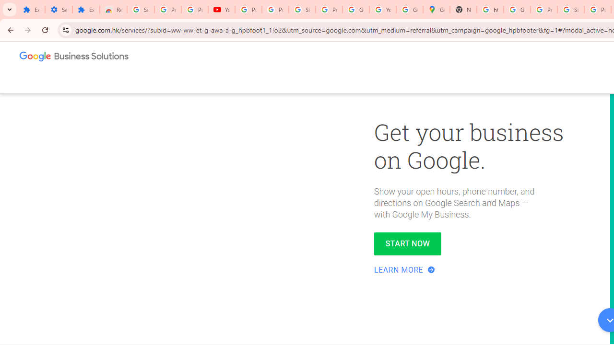  I want to click on 'Reviews: Helix Fruit Jump Arcade Game', so click(113, 10).